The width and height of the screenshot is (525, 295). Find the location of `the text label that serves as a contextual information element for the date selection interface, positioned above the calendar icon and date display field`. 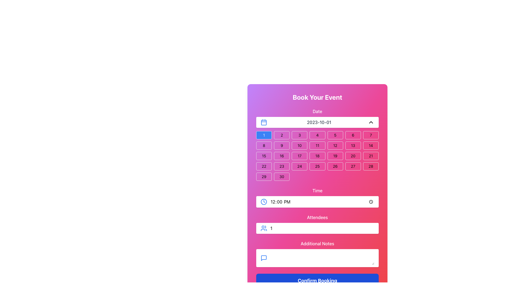

the text label that serves as a contextual information element for the date selection interface, positioned above the calendar icon and date display field is located at coordinates (317, 111).